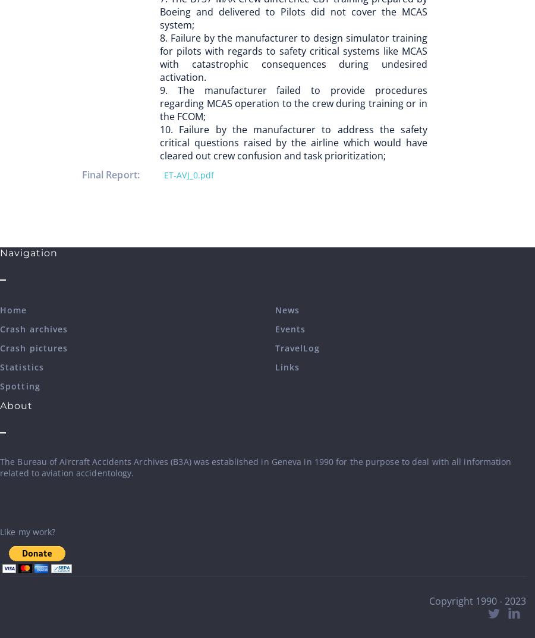 The image size is (535, 638). I want to click on '8. Failure by the manufacturer to design simulator training for pilots with regards to safety critical systems like MCAS with catastrophic consequences during undesired activation.', so click(159, 57).